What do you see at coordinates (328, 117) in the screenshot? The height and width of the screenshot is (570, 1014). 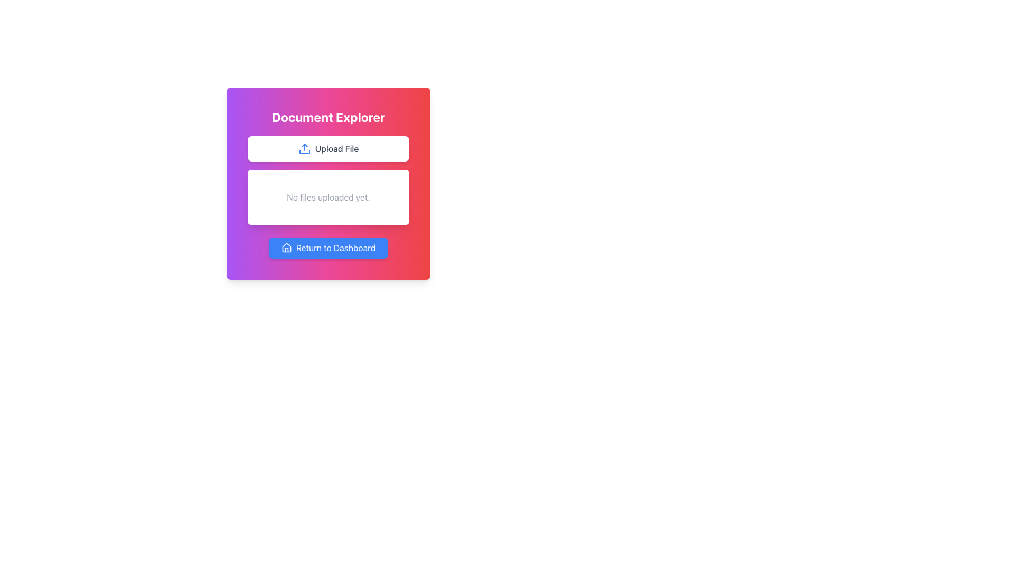 I see `the Text Label that serves as the title or header of the section, positioned above the 'Upload File' button` at bounding box center [328, 117].